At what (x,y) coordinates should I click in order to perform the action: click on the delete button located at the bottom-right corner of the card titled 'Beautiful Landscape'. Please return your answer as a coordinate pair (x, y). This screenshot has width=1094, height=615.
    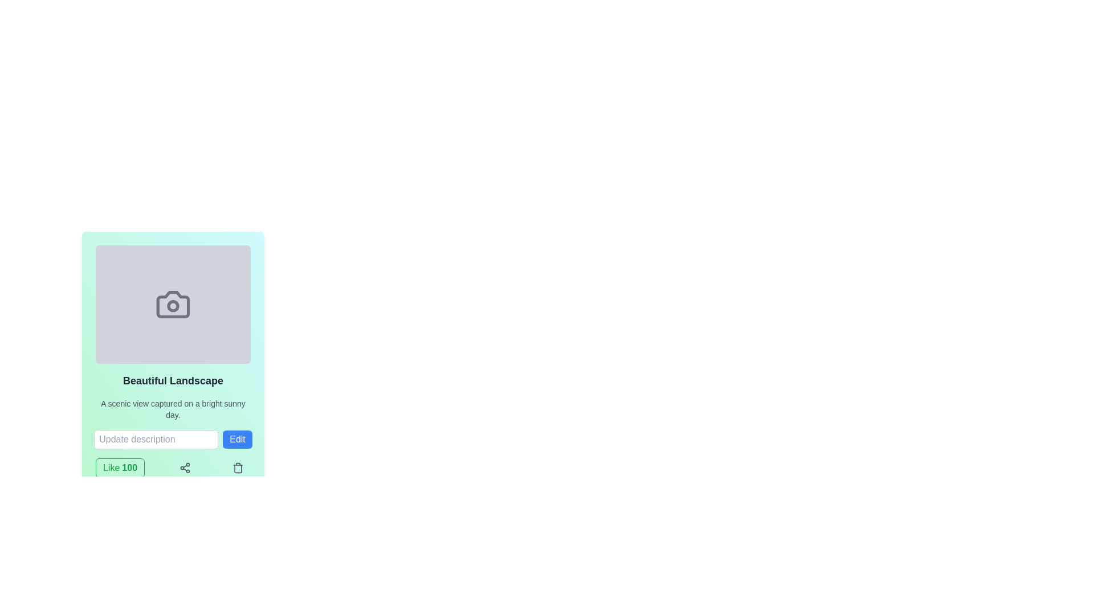
    Looking at the image, I should click on (237, 468).